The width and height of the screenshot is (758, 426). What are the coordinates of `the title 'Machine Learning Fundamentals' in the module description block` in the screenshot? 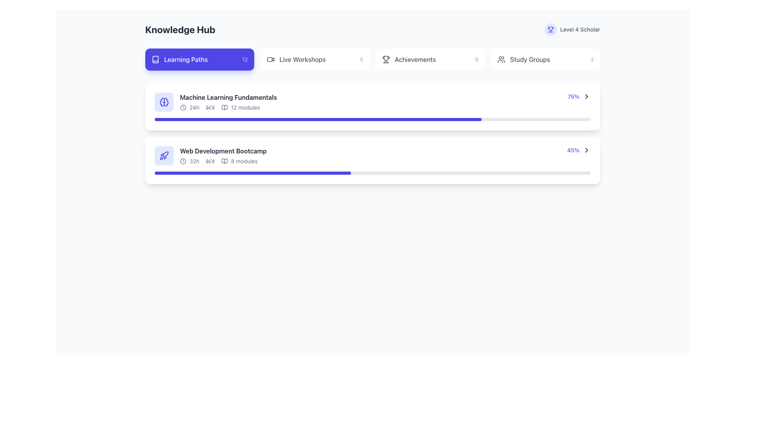 It's located at (216, 101).